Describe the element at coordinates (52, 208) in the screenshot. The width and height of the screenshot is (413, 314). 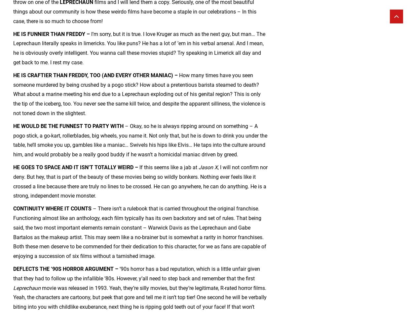
I see `'CONTINUITY WHERE IT COUNTS'` at that location.